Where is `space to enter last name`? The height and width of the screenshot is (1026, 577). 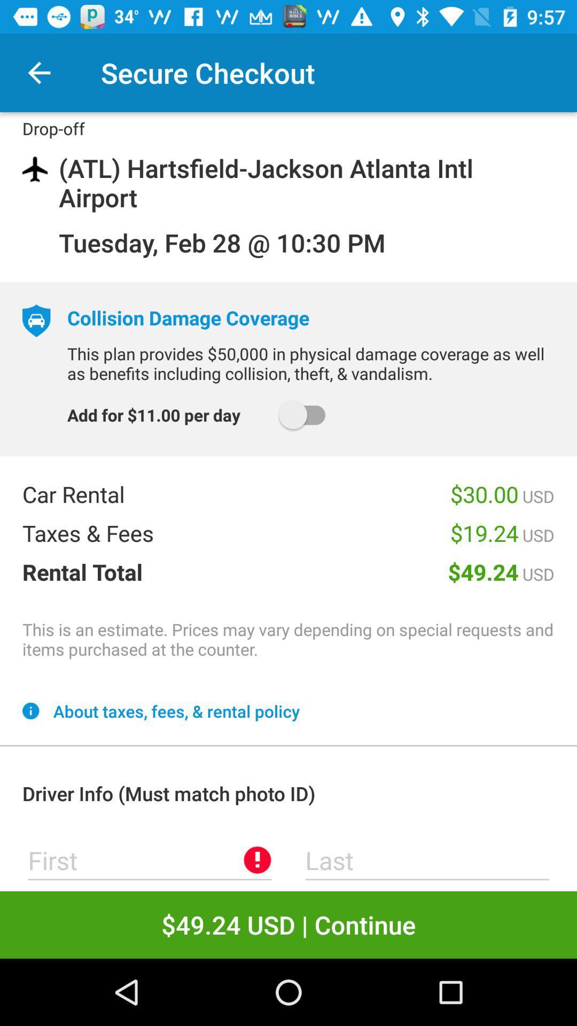 space to enter last name is located at coordinates (426, 860).